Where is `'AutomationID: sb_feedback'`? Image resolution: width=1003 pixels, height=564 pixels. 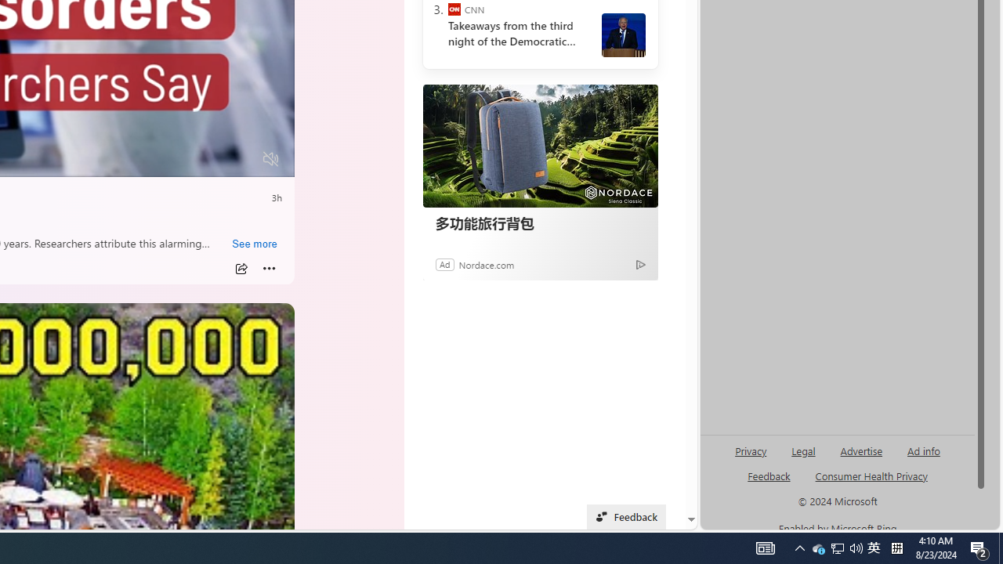 'AutomationID: sb_feedback' is located at coordinates (769, 475).